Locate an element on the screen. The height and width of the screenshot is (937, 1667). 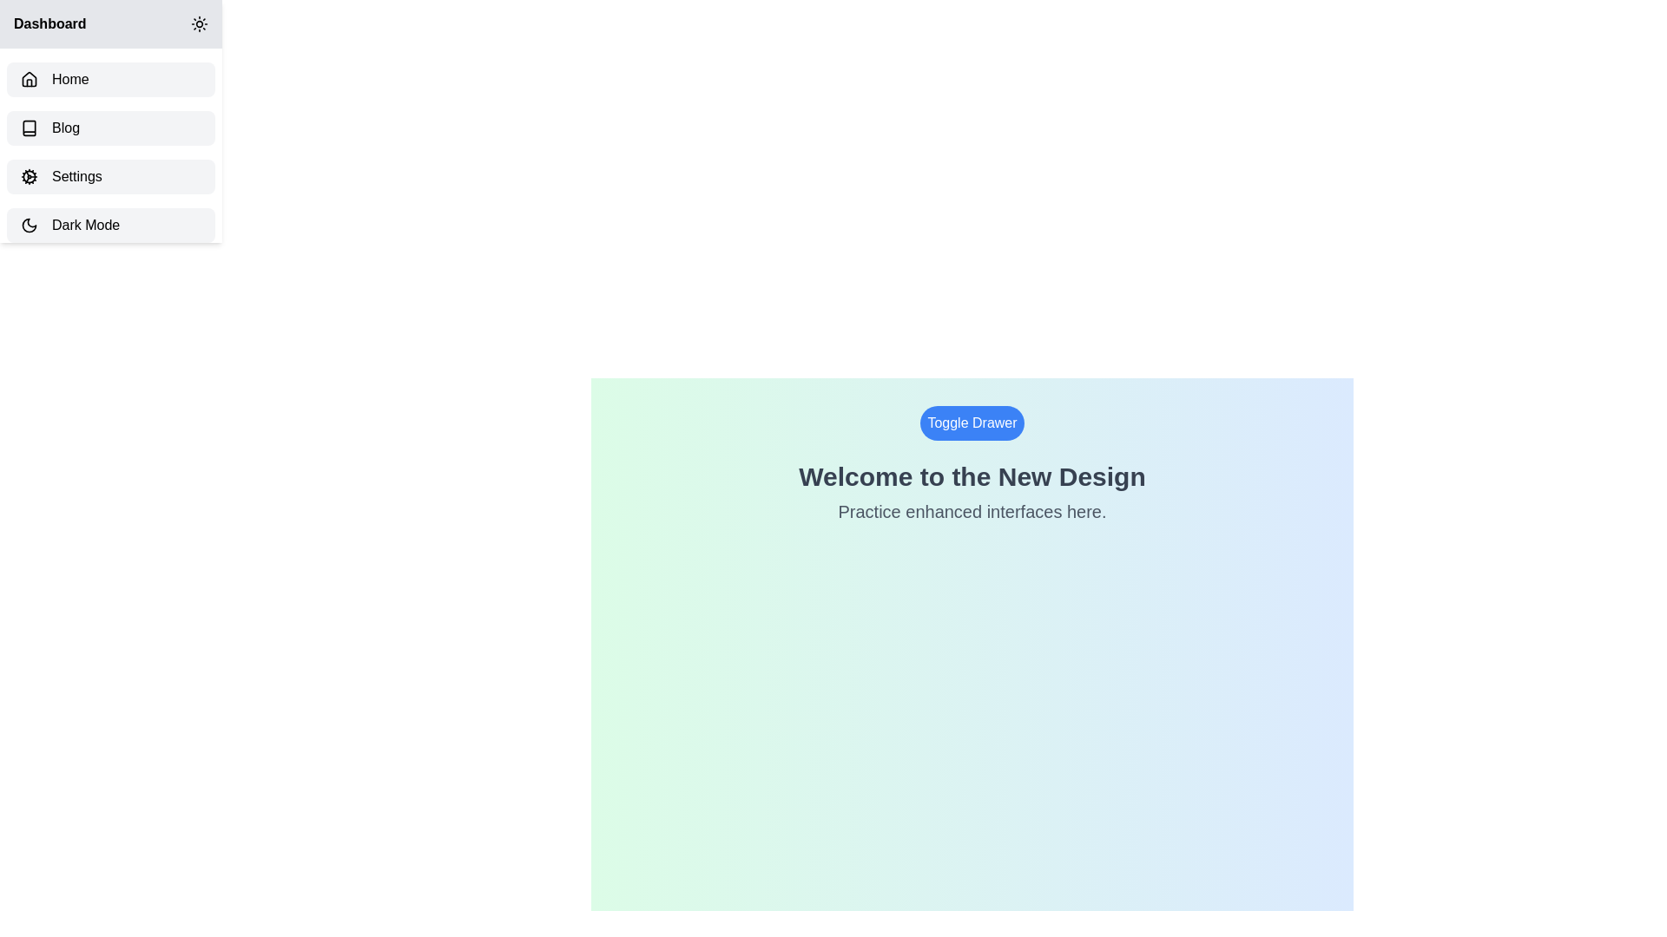
the sidebar item labeled Dark Mode is located at coordinates (110, 224).